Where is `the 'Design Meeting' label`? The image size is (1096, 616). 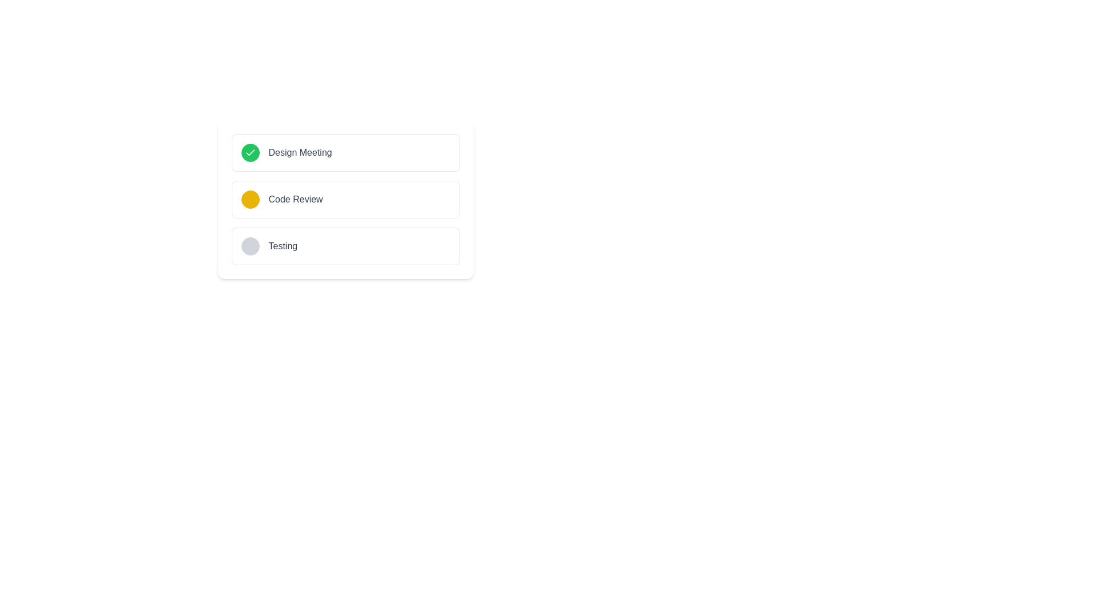 the 'Design Meeting' label is located at coordinates (300, 152).